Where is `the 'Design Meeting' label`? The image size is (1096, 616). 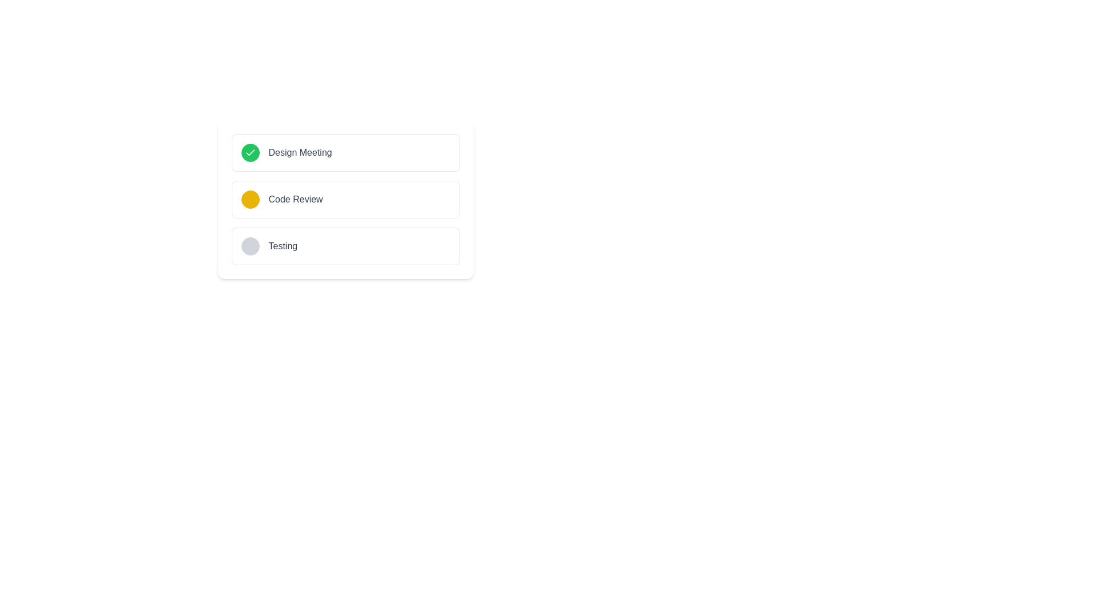 the 'Design Meeting' label is located at coordinates (300, 152).